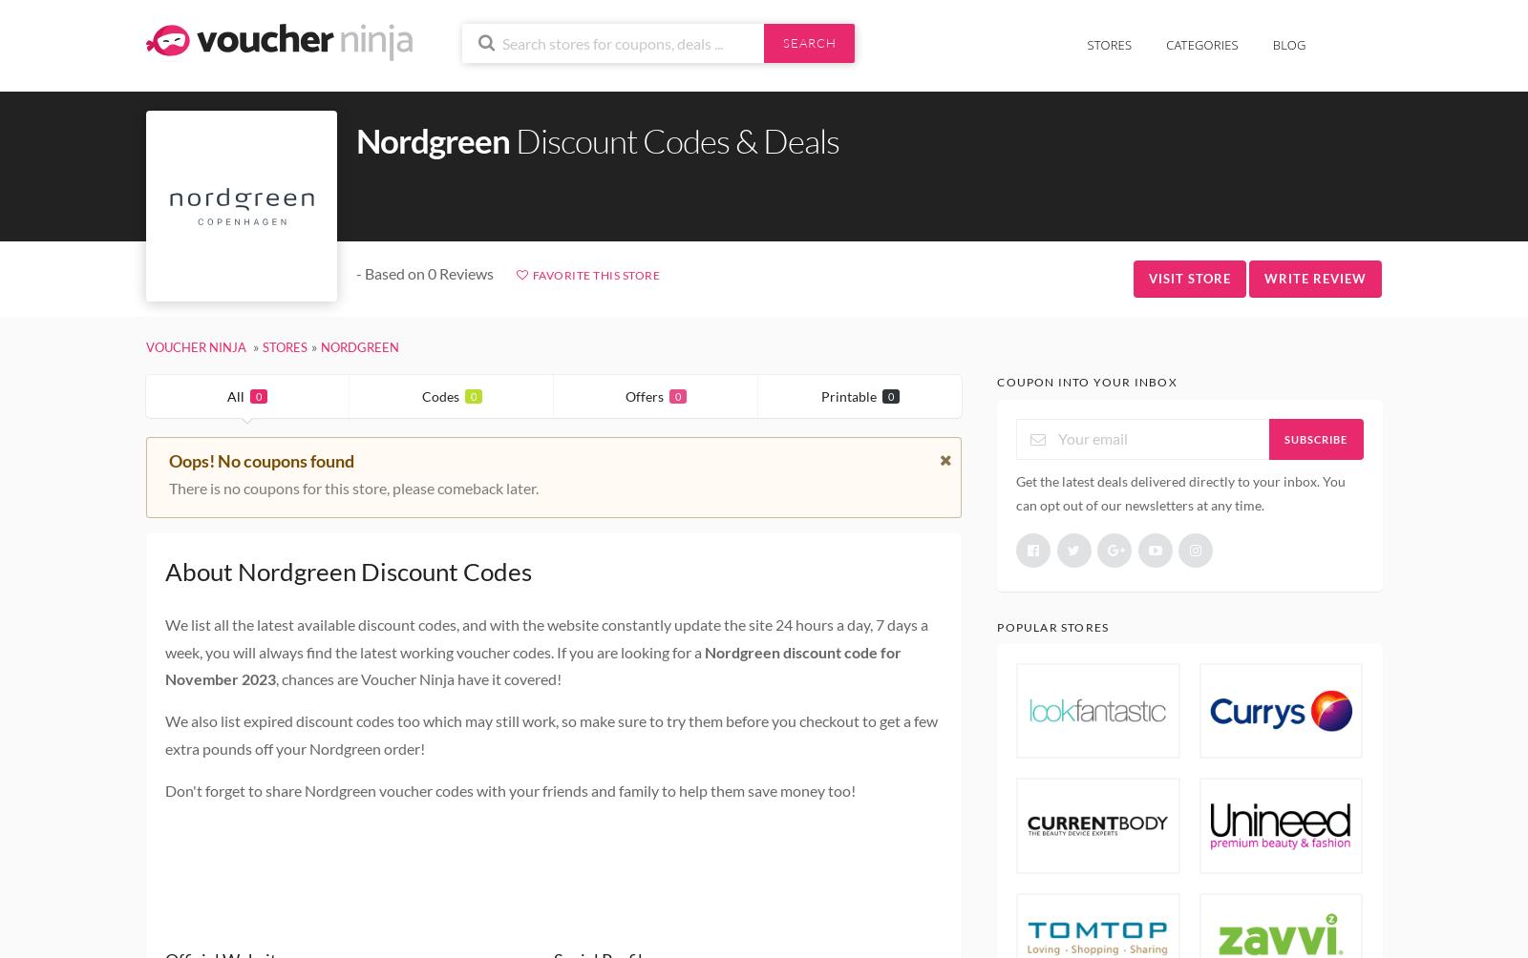 This screenshot has width=1528, height=958. Describe the element at coordinates (674, 139) in the screenshot. I see `'Discount Codes & Deals'` at that location.